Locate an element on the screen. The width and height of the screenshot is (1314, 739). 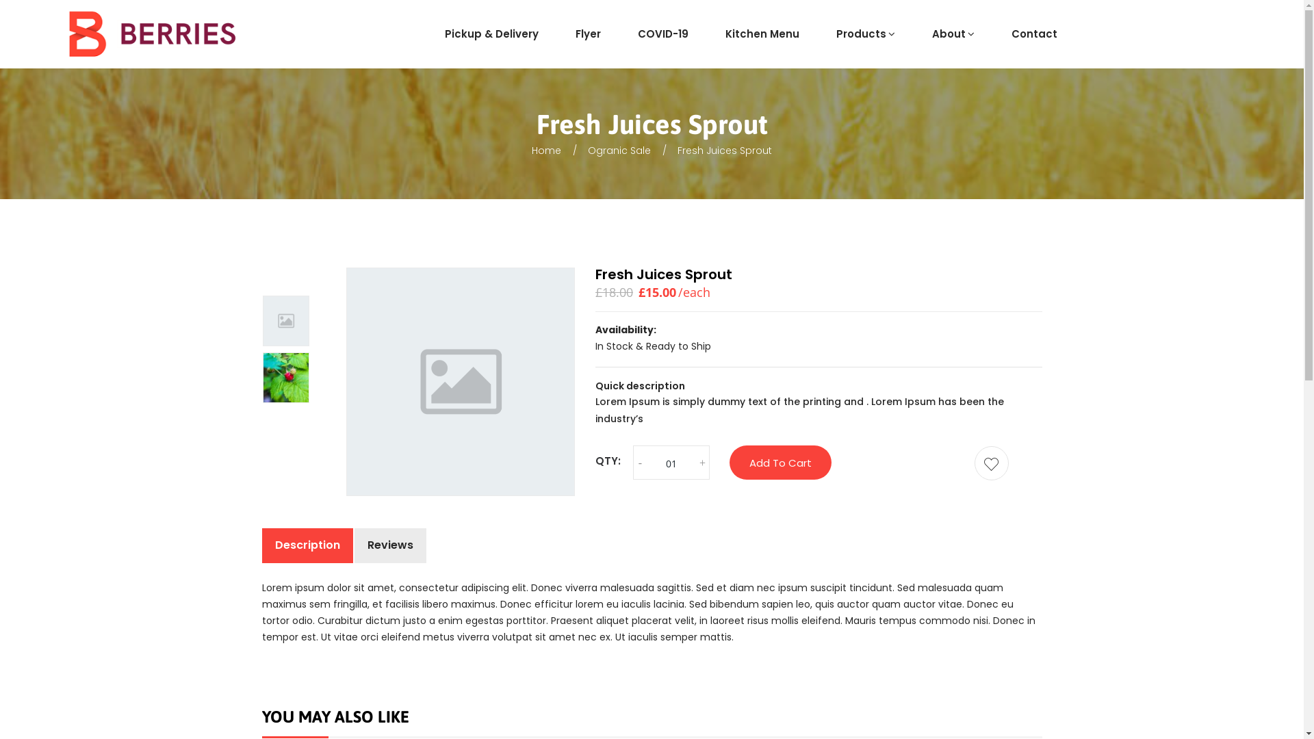
'Ogranic Sale' is located at coordinates (619, 150).